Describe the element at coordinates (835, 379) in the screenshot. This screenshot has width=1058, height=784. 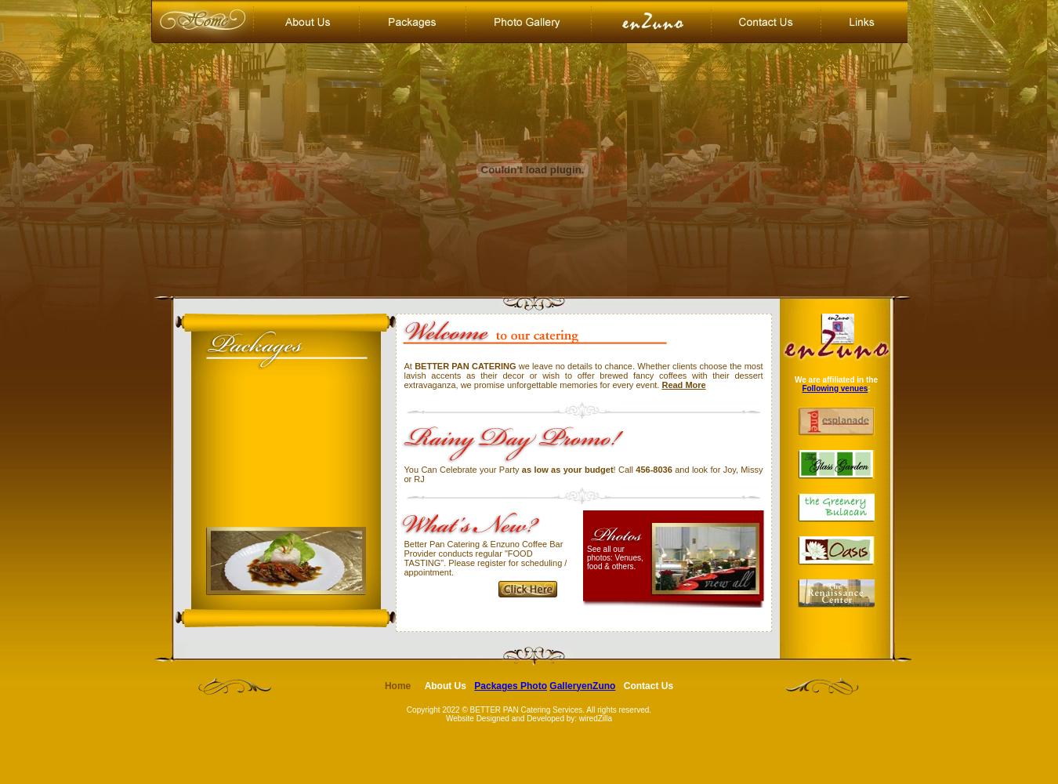
I see `'We are affiliated in the'` at that location.